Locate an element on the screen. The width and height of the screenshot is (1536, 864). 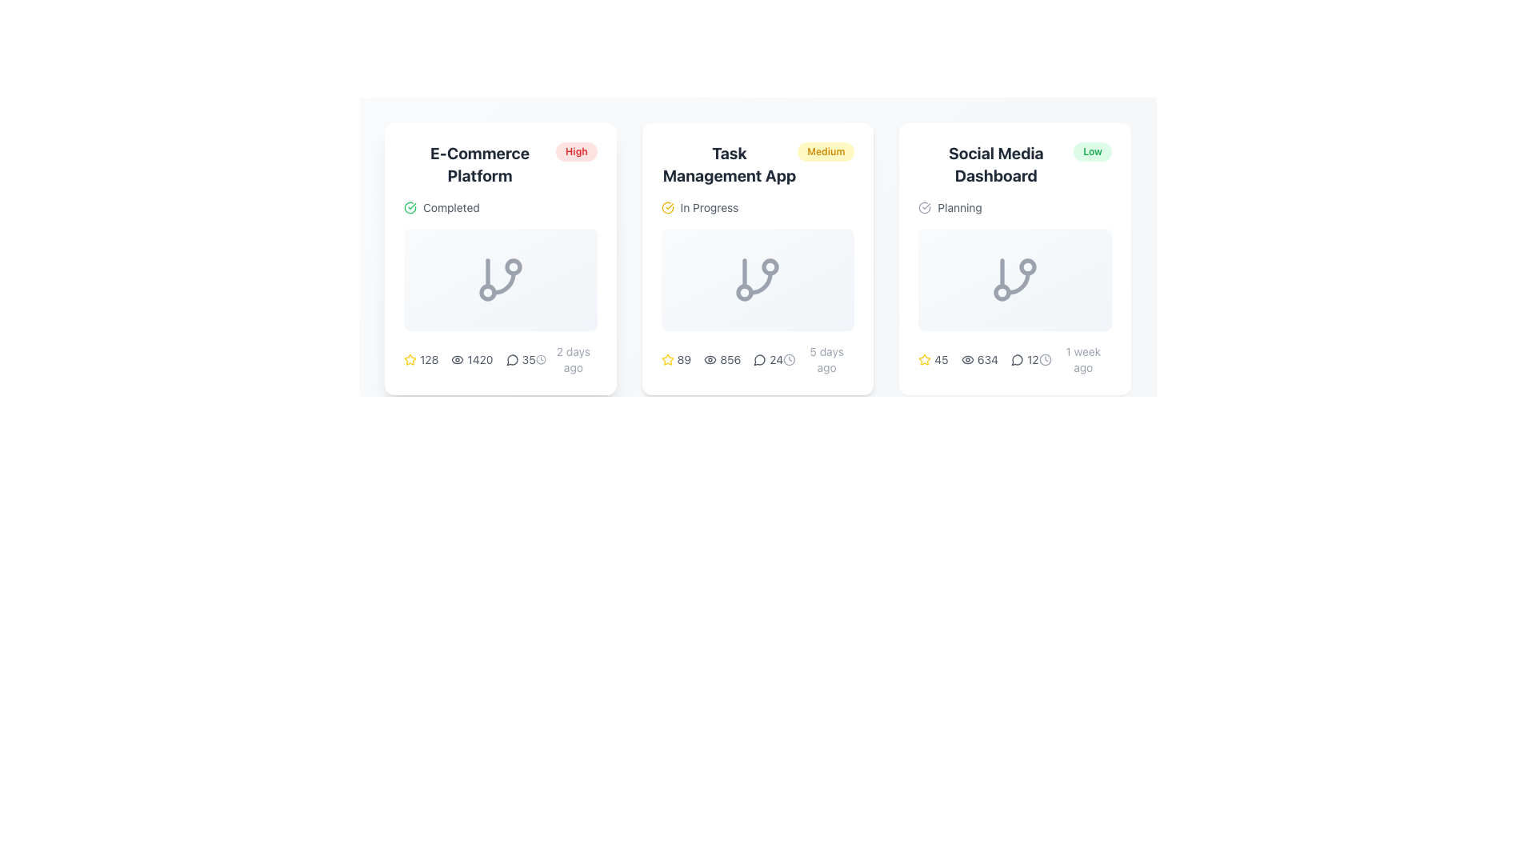
the branching SVG icon that signifies the project's versioning or collaboration status, located centrally within the 'E-Commerce Platform' card is located at coordinates (499, 279).